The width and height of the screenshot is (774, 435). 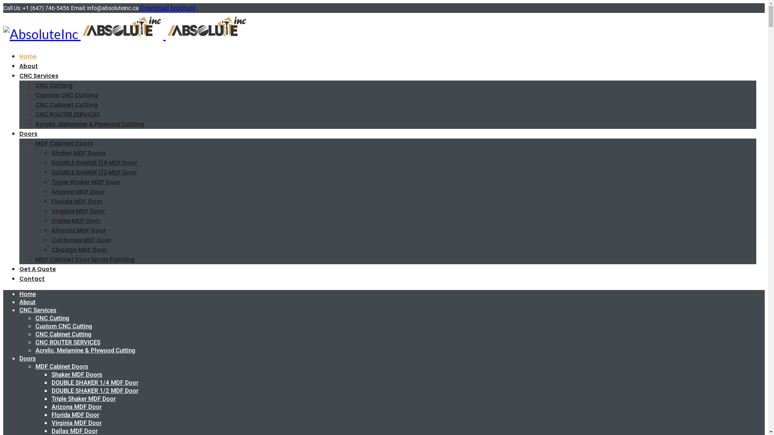 What do you see at coordinates (19, 302) in the screenshot?
I see `'About'` at bounding box center [19, 302].